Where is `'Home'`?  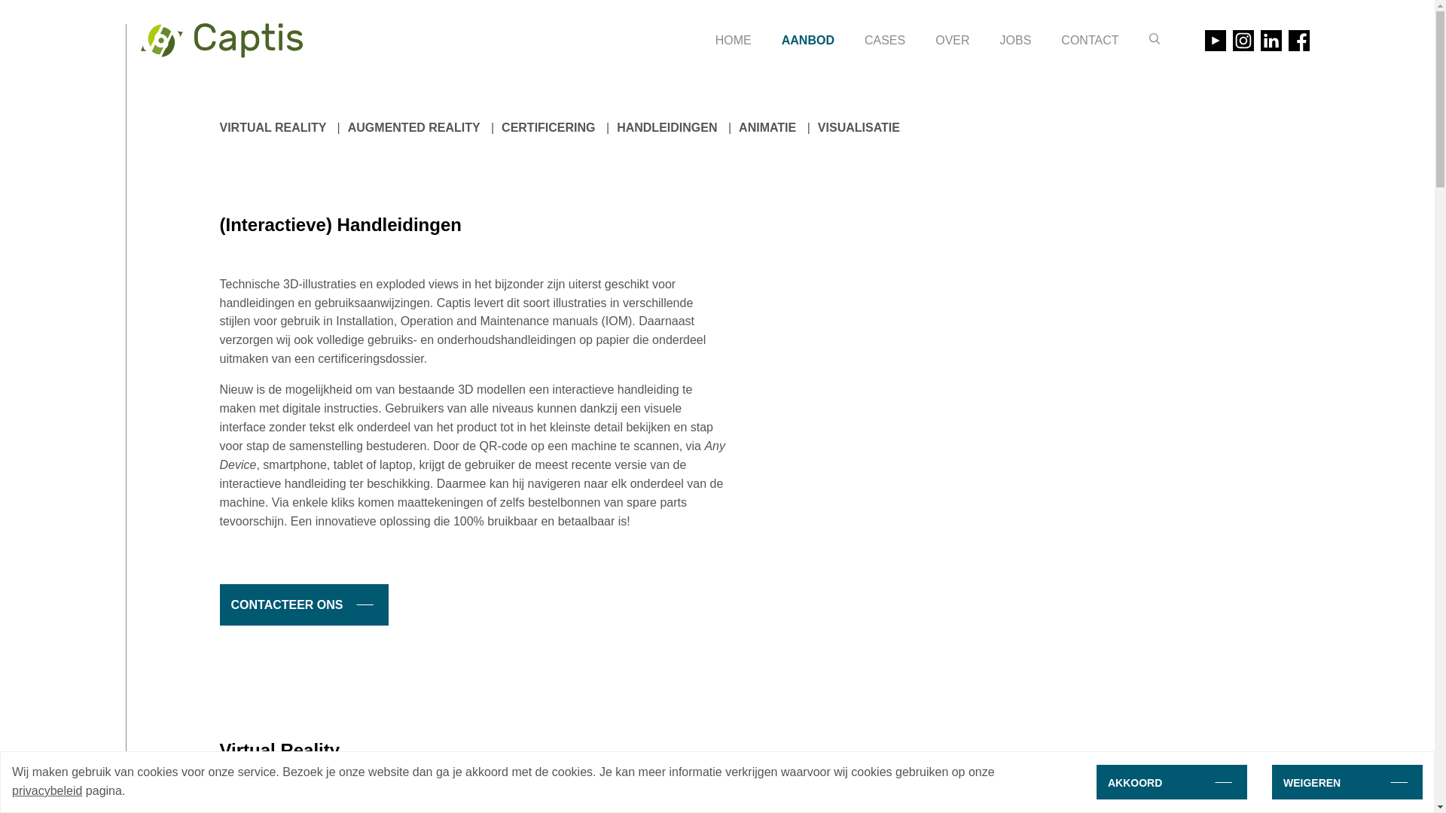 'Home' is located at coordinates (220, 40).